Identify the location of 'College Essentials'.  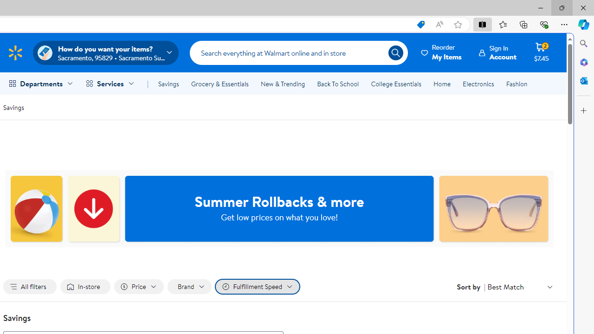
(396, 84).